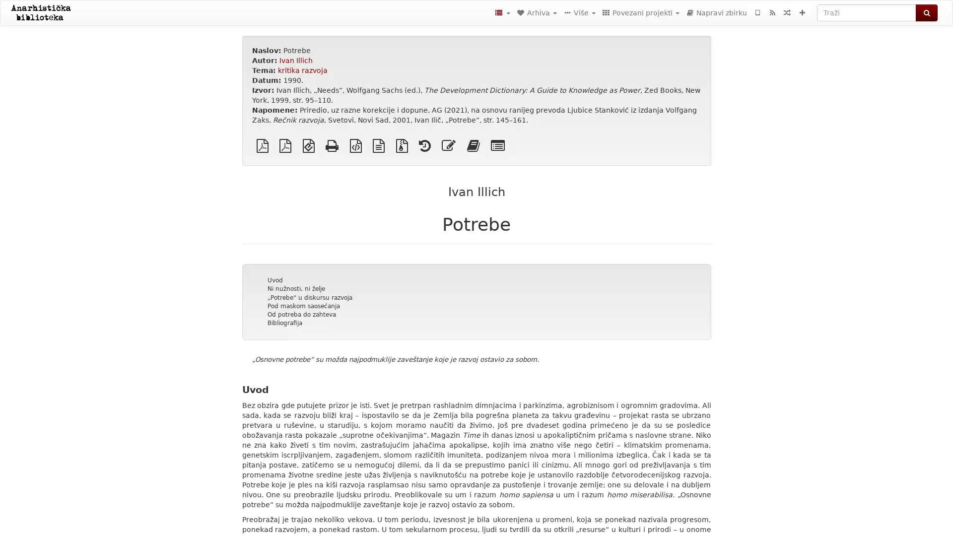  Describe the element at coordinates (926, 13) in the screenshot. I see `Trazi` at that location.